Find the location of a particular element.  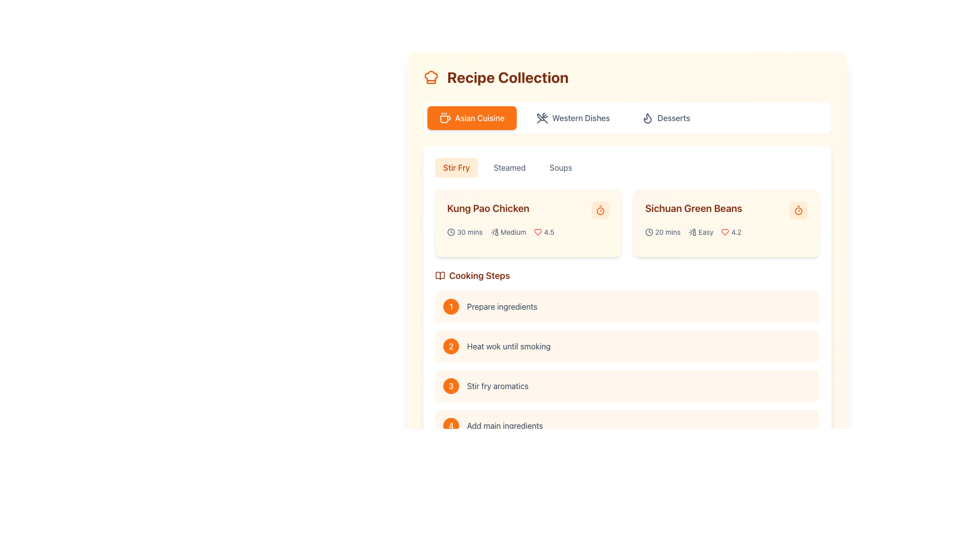

the circular icon button with a timer design located at the top-right corner of the 'Sichuan Green Beans' recipe card is located at coordinates (798, 210).